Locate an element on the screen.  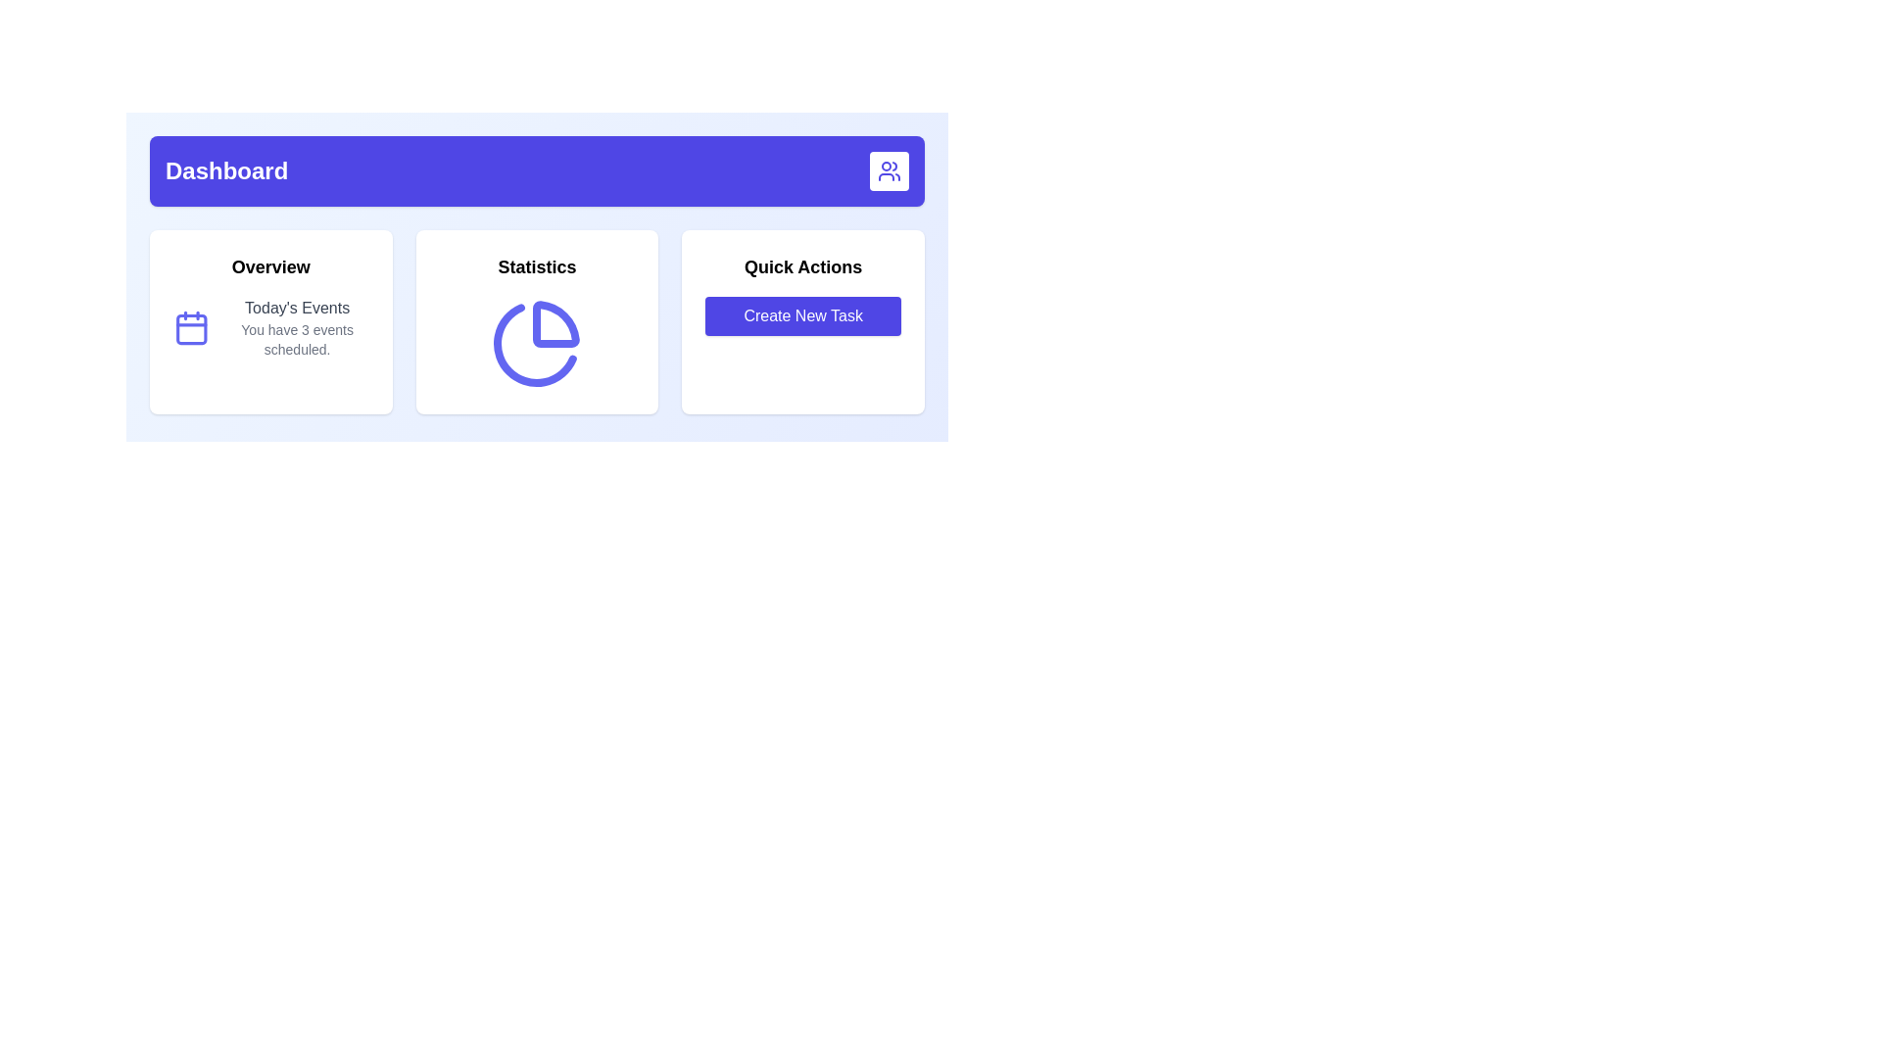
the static informational text block displaying the number of events scheduled for the current day, located beneath the 'Overview' heading on the leftmost panel is located at coordinates (296, 327).